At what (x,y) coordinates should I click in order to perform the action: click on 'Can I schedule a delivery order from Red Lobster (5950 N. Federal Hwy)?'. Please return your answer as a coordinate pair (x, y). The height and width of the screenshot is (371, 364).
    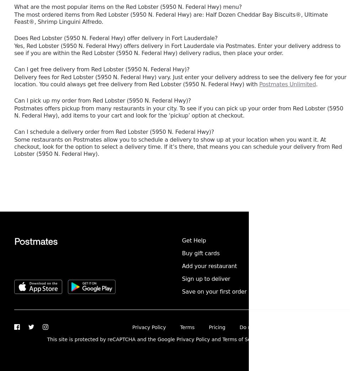
    Looking at the image, I should click on (114, 131).